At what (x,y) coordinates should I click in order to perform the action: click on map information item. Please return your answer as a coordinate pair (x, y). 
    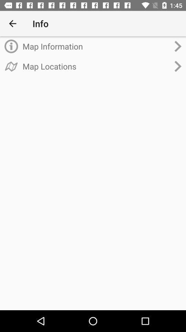
    Looking at the image, I should click on (96, 46).